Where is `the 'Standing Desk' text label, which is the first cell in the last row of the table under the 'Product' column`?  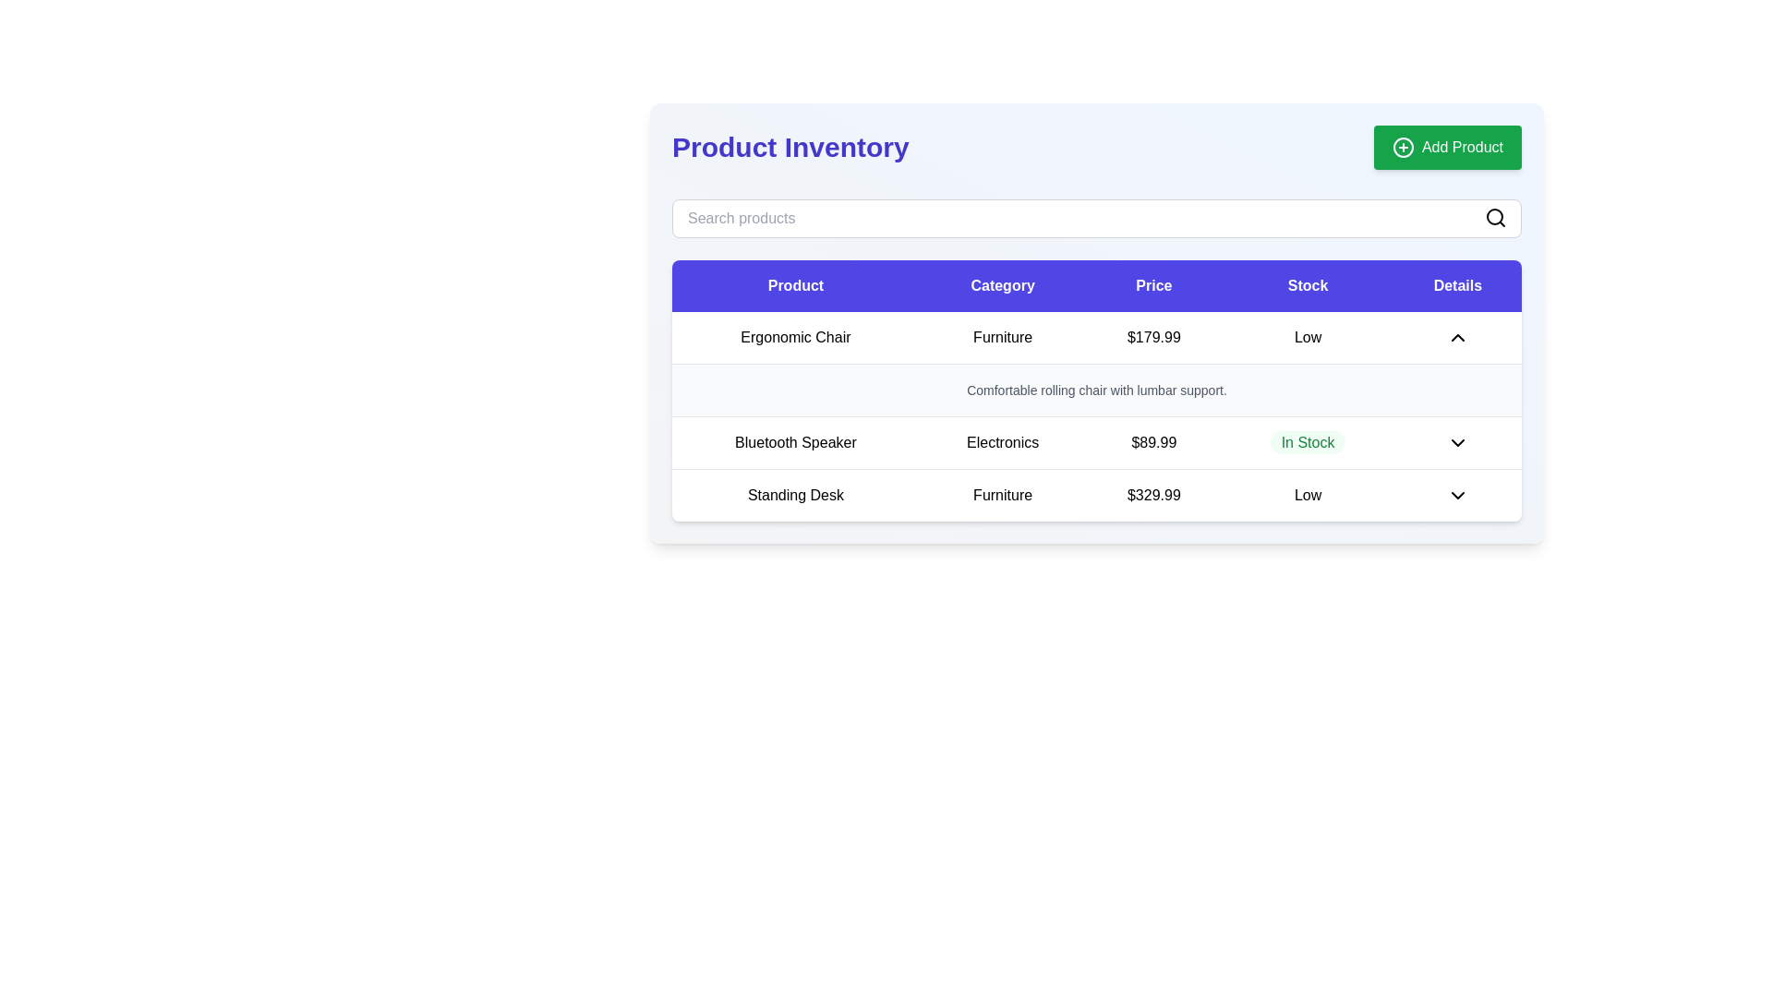
the 'Standing Desk' text label, which is the first cell in the last row of the table under the 'Product' column is located at coordinates (795, 494).